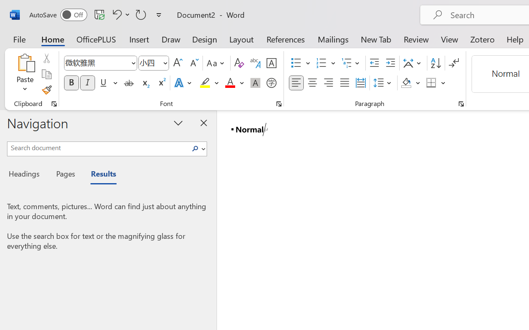  Describe the element at coordinates (271, 63) in the screenshot. I see `'Character Border'` at that location.